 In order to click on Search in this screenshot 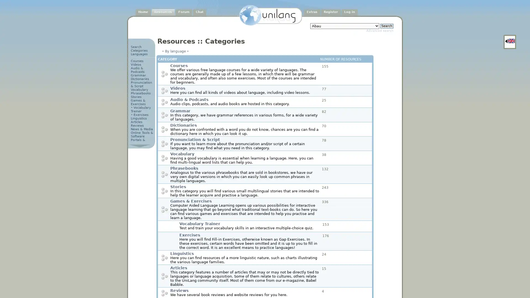, I will do `click(386, 26)`.